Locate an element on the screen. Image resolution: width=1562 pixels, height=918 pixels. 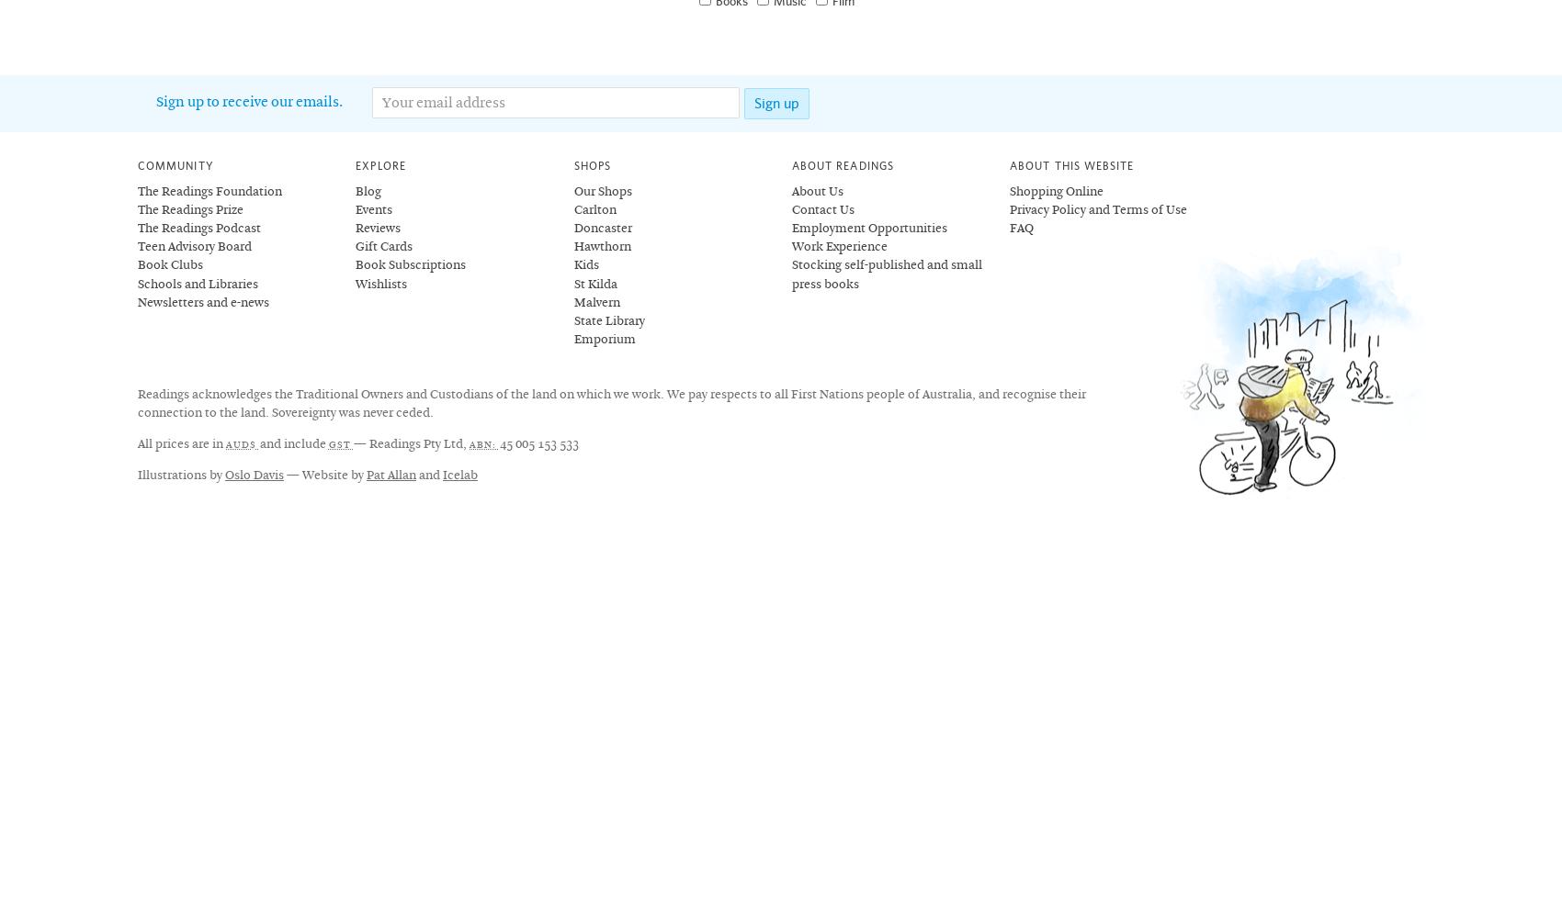
'Illustrations by' is located at coordinates (180, 476).